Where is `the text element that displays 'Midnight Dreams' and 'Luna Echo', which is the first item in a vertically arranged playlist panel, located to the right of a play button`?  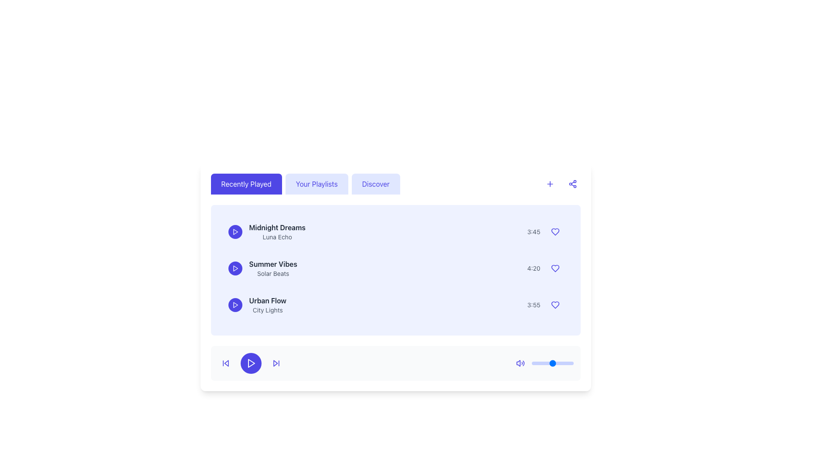 the text element that displays 'Midnight Dreams' and 'Luna Echo', which is the first item in a vertically arranged playlist panel, located to the right of a play button is located at coordinates (277, 231).